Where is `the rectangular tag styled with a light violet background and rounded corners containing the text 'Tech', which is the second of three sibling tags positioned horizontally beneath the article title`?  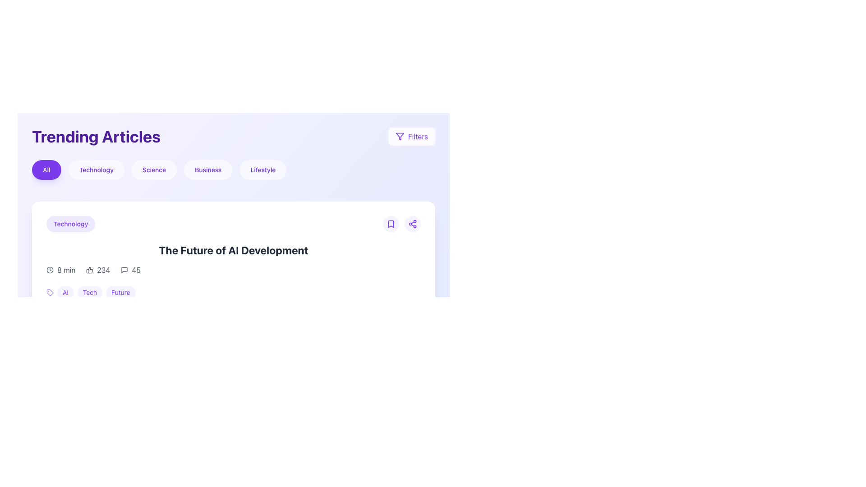 the rectangular tag styled with a light violet background and rounded corners containing the text 'Tech', which is the second of three sibling tags positioned horizontally beneath the article title is located at coordinates (90, 292).